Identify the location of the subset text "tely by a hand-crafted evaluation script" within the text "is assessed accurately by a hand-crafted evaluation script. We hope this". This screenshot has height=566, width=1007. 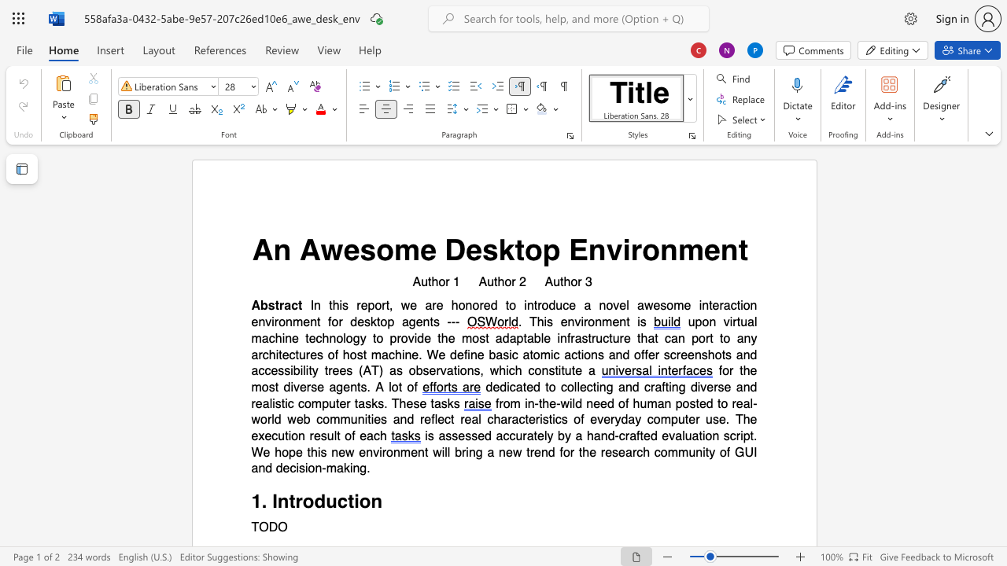
(533, 436).